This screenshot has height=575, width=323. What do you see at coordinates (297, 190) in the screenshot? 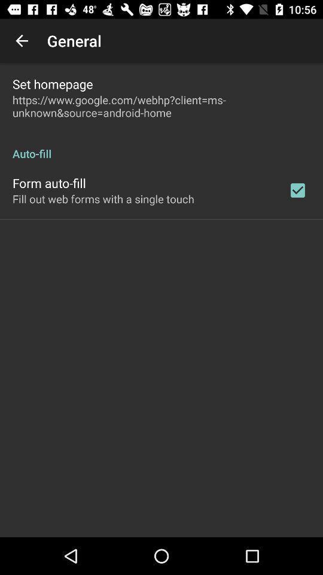
I see `app below auto-fill` at bounding box center [297, 190].